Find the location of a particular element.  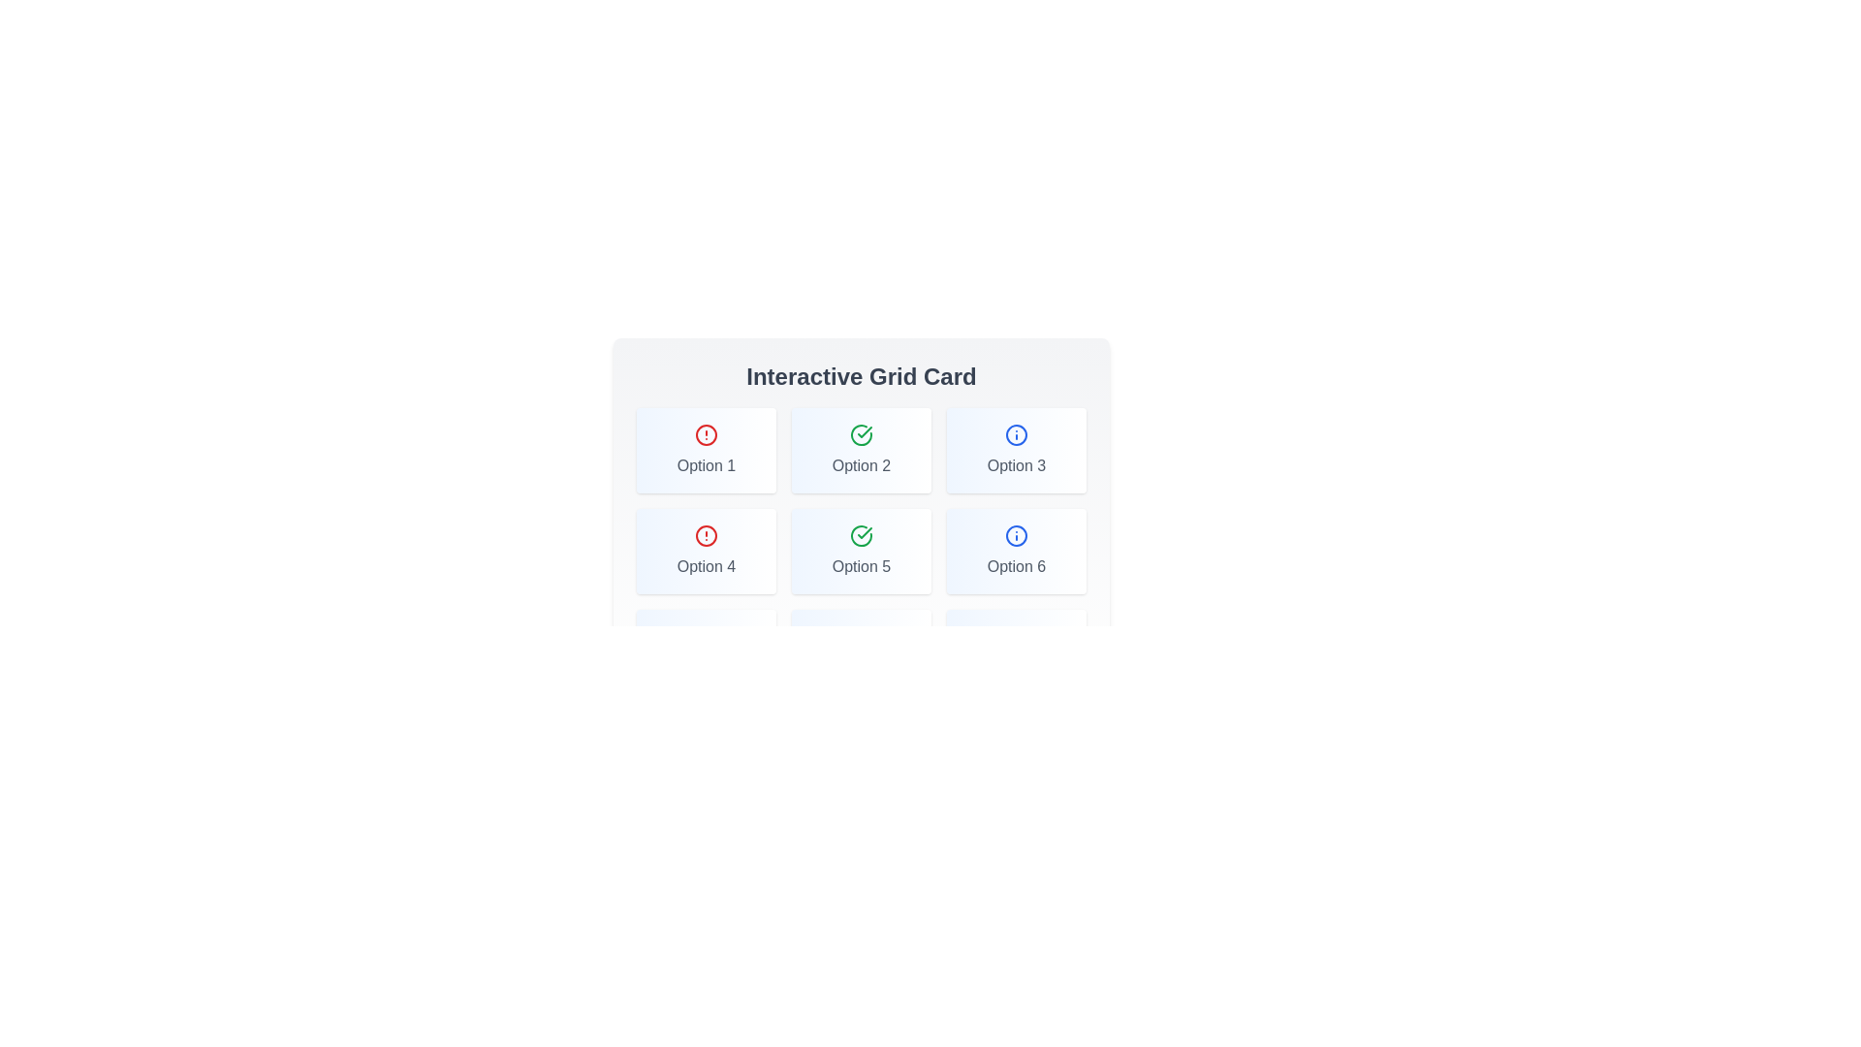

the circular icon featuring a green border and checkmark inside, located in the second column of the first row of the 'Option 2' grid block in the 'Interactive Grid Card' interface, via scripts is located at coordinates (860, 535).